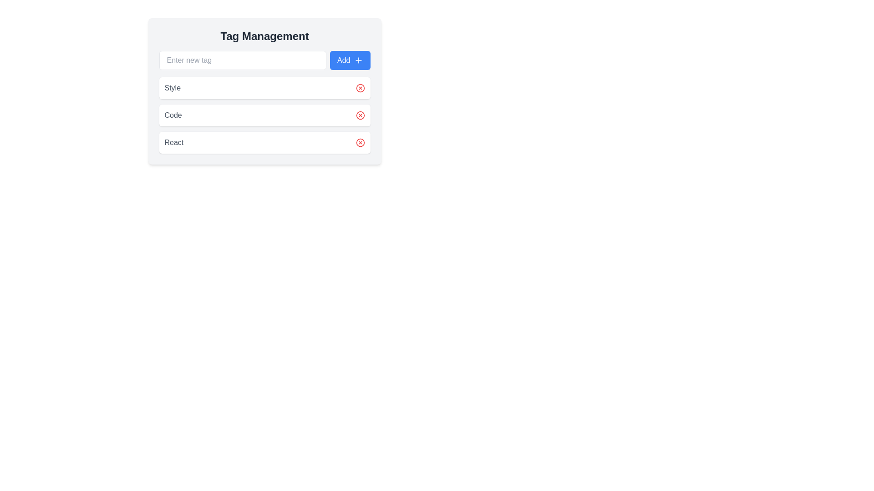 This screenshot has height=491, width=874. I want to click on the rectangular button with a blue background and white text saying 'Add', so click(350, 60).